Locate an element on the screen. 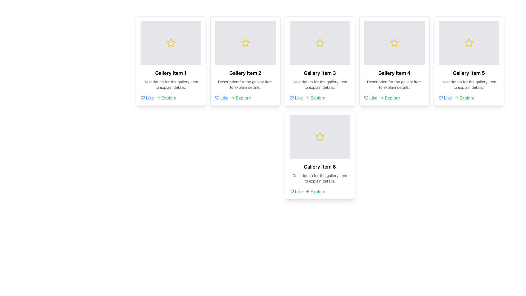  the heart icon linked to 'Gallery Item 5' is located at coordinates (441, 98).